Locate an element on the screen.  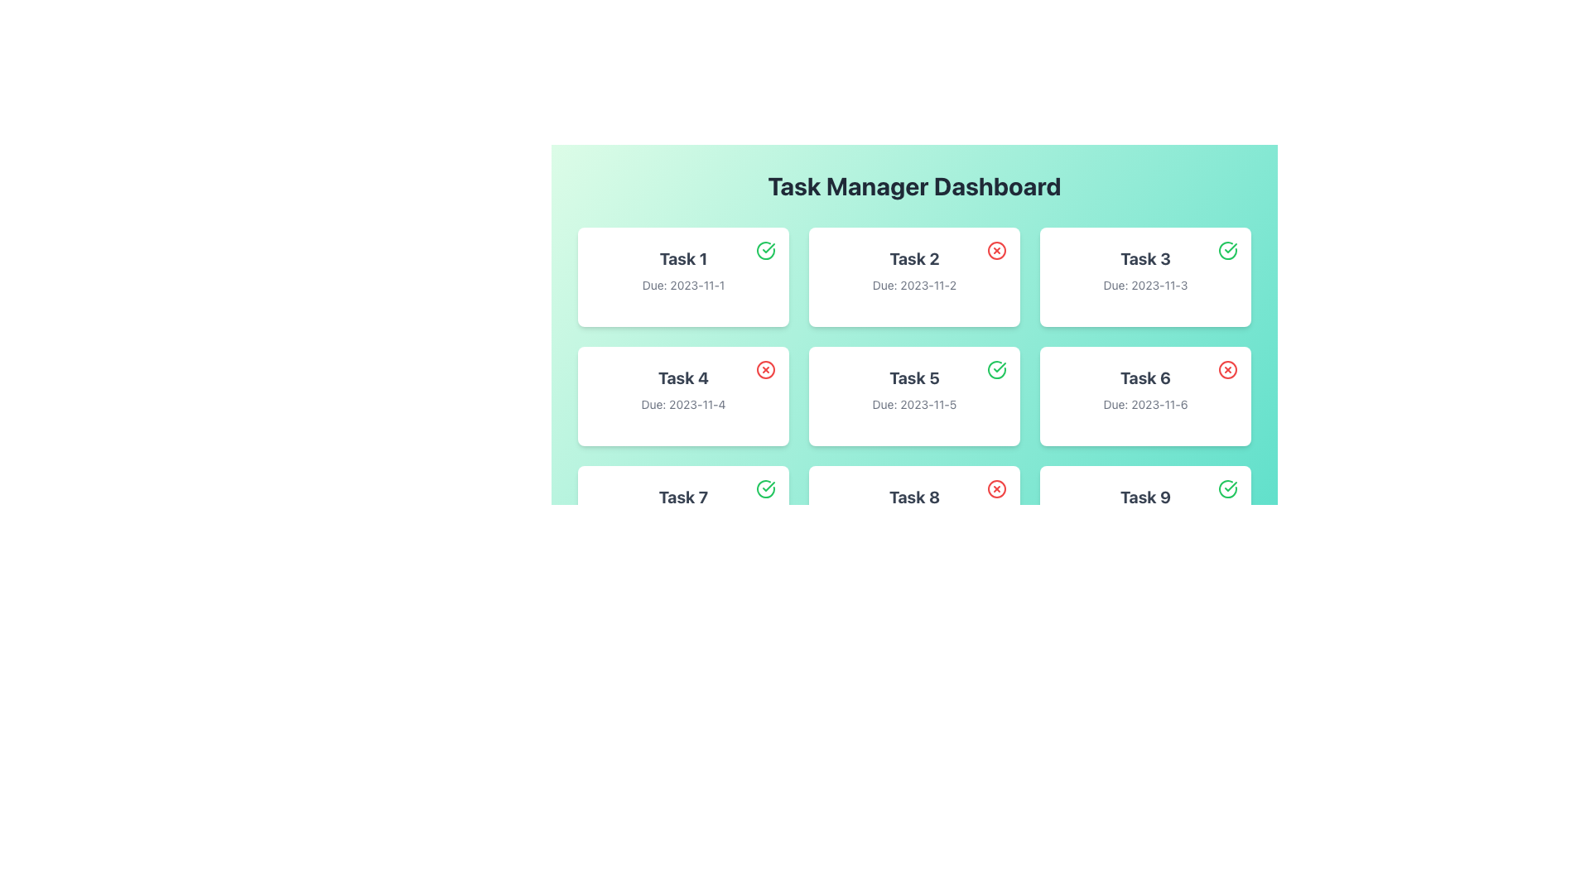
the Information card that displays 'Task 1' with a due date of '2023-11-1', featuring a green circular check mark icon in the top-right corner is located at coordinates (683, 276).